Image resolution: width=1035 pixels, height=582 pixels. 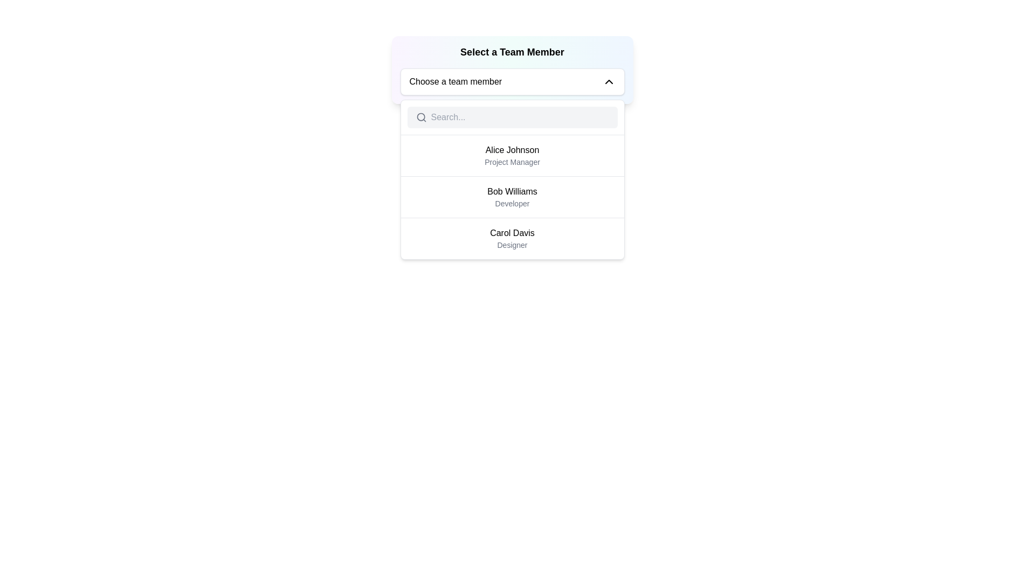 I want to click on on the text block containing 'Bob Williams' the Developer, so click(x=512, y=197).